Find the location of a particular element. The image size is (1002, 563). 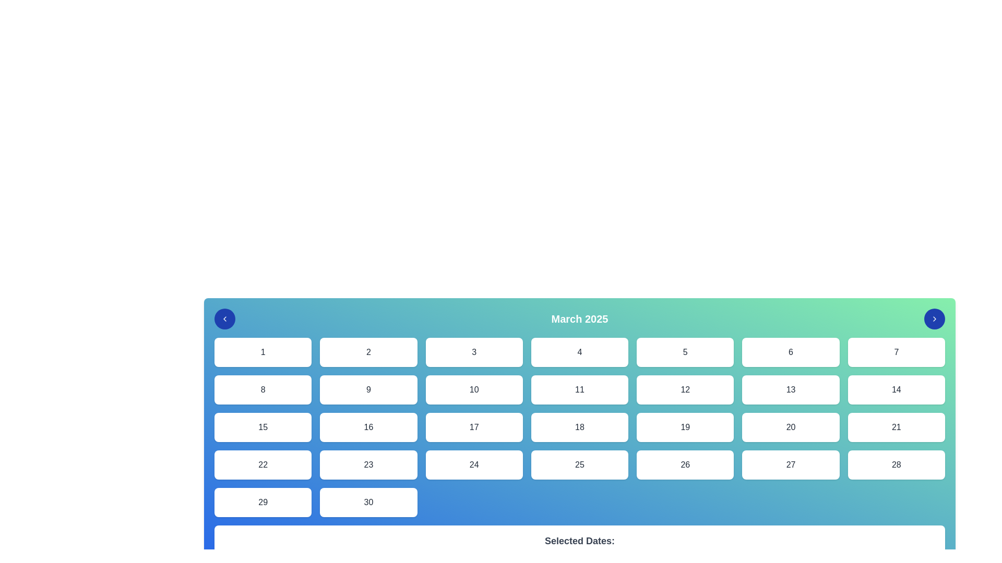

the calendar button representing the 4th day of the month is located at coordinates (579, 352).